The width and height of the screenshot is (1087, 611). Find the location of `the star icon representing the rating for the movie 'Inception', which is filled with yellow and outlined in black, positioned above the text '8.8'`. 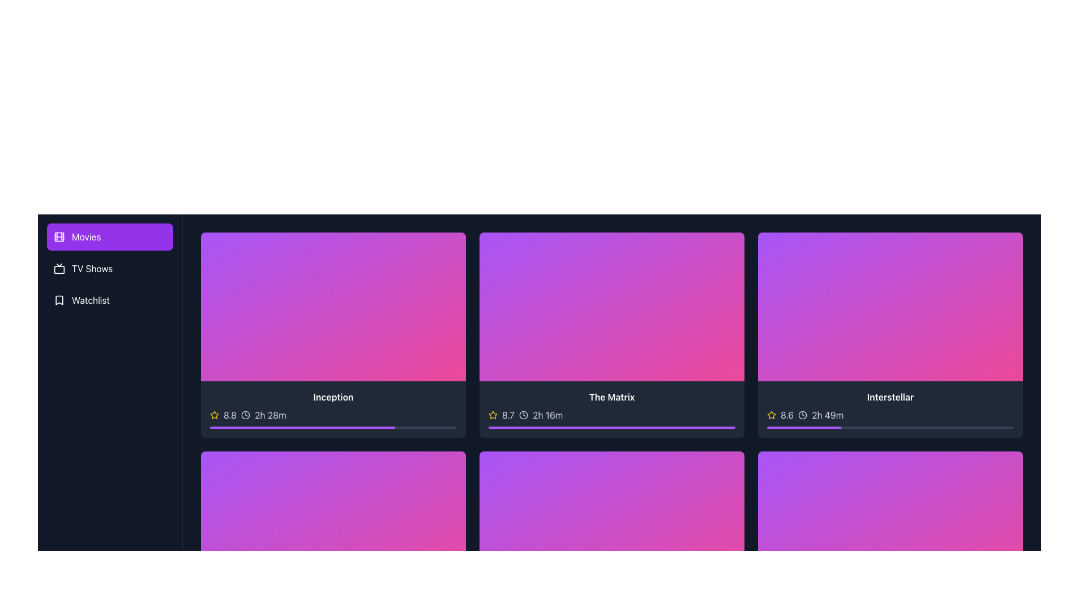

the star icon representing the rating for the movie 'Inception', which is filled with yellow and outlined in black, positioned above the text '8.8' is located at coordinates (215, 415).